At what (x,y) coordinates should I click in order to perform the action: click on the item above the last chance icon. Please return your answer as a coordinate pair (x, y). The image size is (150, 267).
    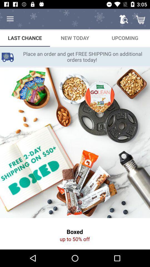
    Looking at the image, I should click on (10, 19).